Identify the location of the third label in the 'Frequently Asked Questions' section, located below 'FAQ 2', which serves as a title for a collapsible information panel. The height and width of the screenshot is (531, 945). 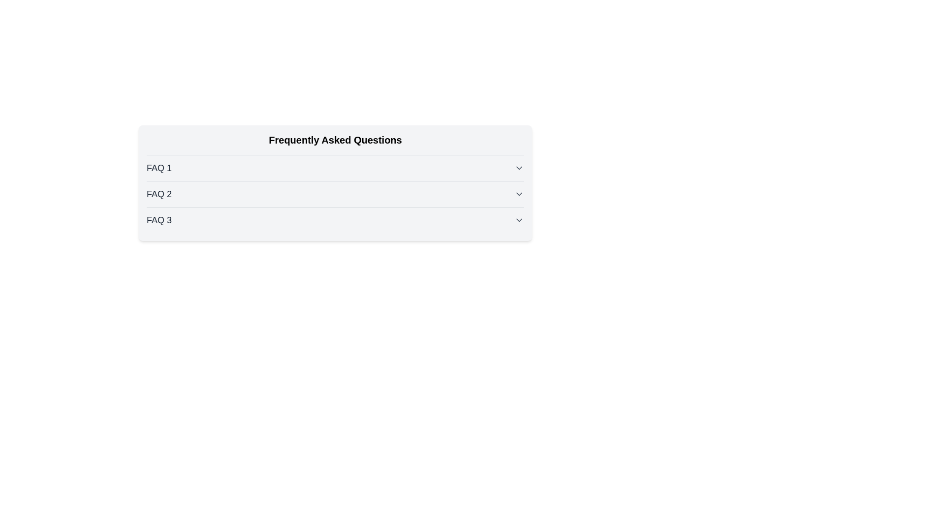
(159, 219).